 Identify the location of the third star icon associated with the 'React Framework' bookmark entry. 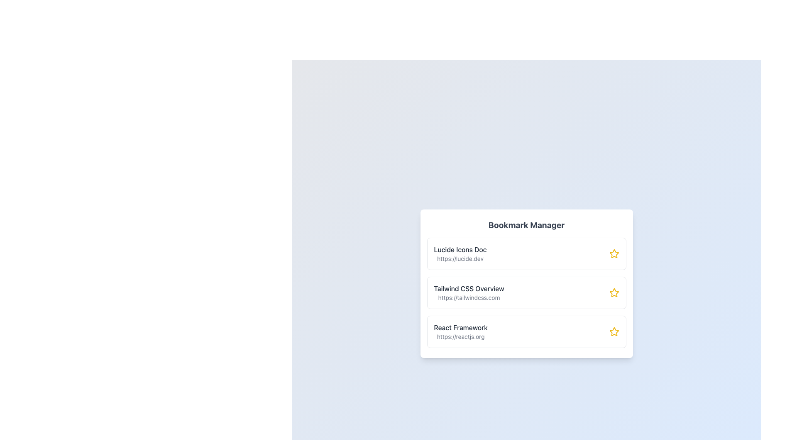
(614, 331).